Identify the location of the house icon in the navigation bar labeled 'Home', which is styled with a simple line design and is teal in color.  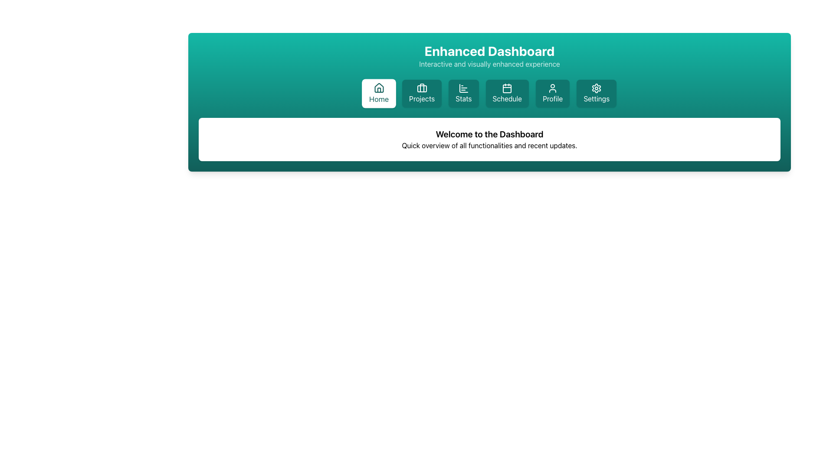
(379, 88).